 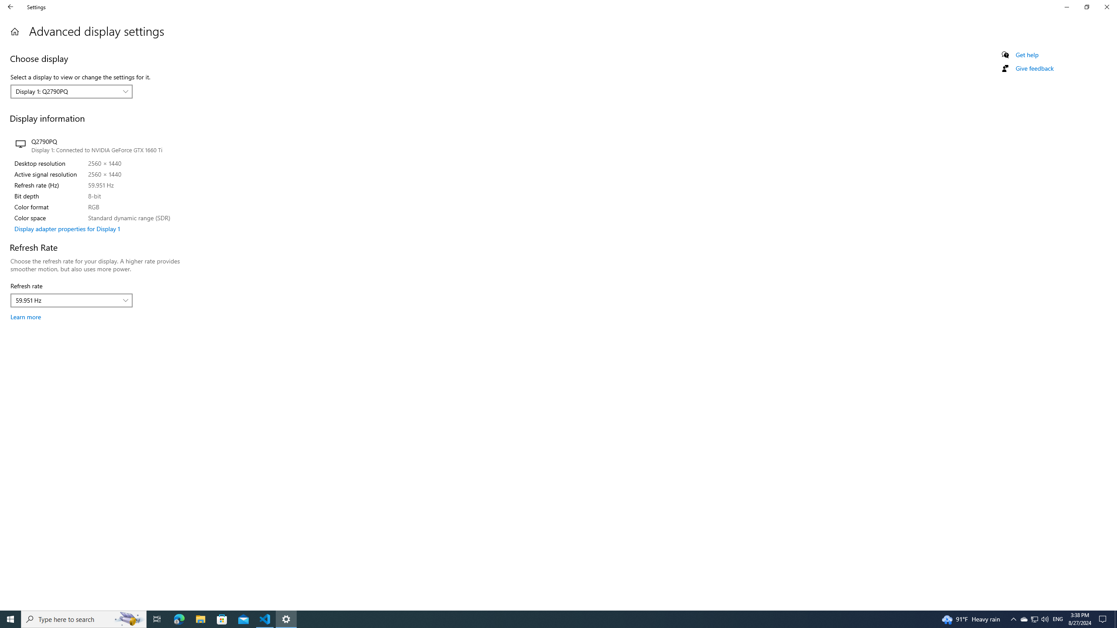 I want to click on 'Close Settings', so click(x=1106, y=7).